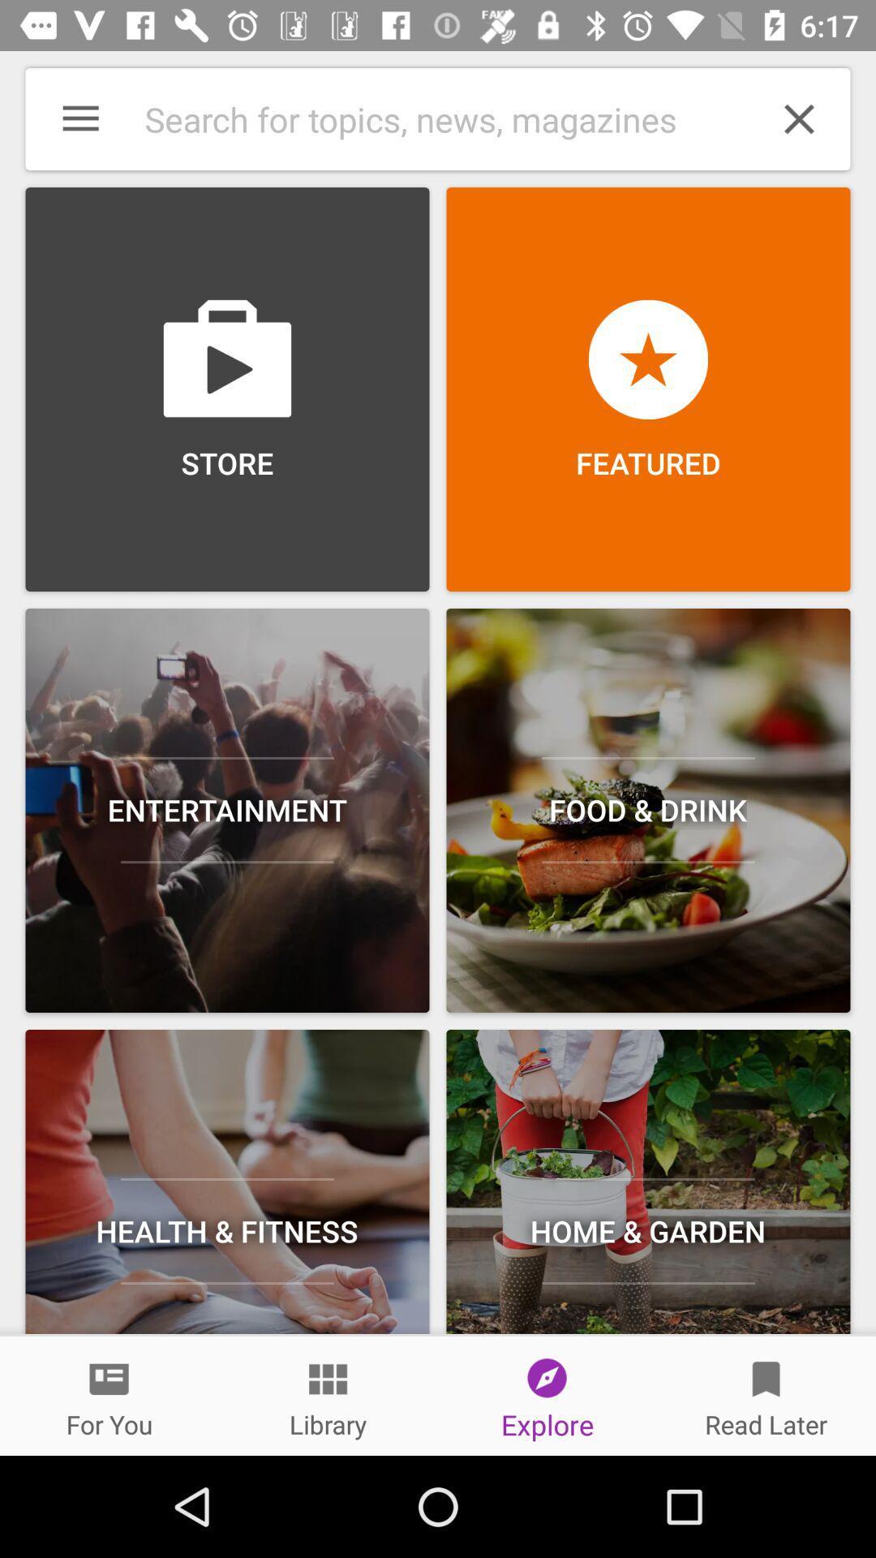 Image resolution: width=876 pixels, height=1558 pixels. Describe the element at coordinates (328, 1378) in the screenshot. I see `the button above library` at that location.